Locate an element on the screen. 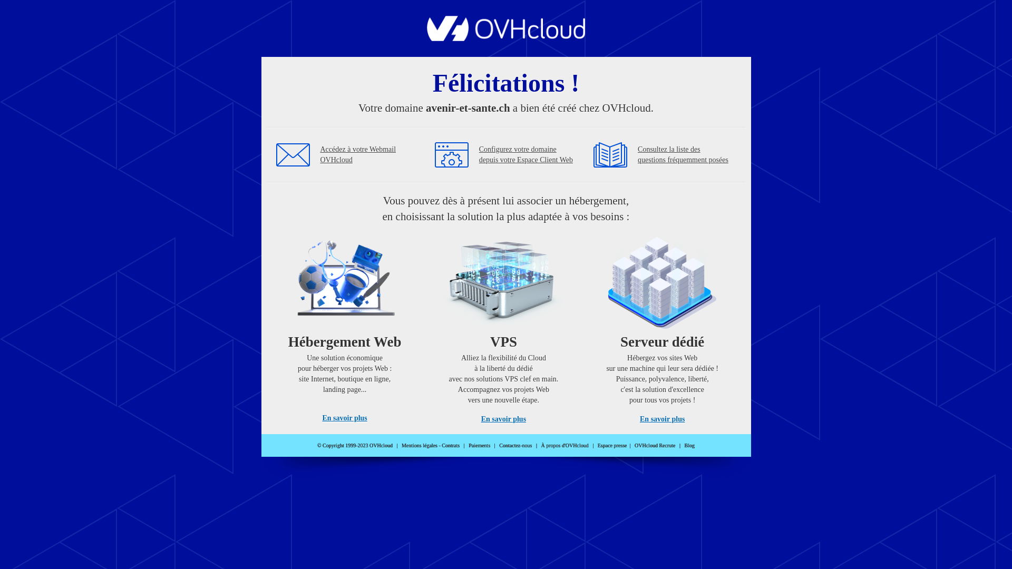  'En savoir plus' is located at coordinates (661, 418).